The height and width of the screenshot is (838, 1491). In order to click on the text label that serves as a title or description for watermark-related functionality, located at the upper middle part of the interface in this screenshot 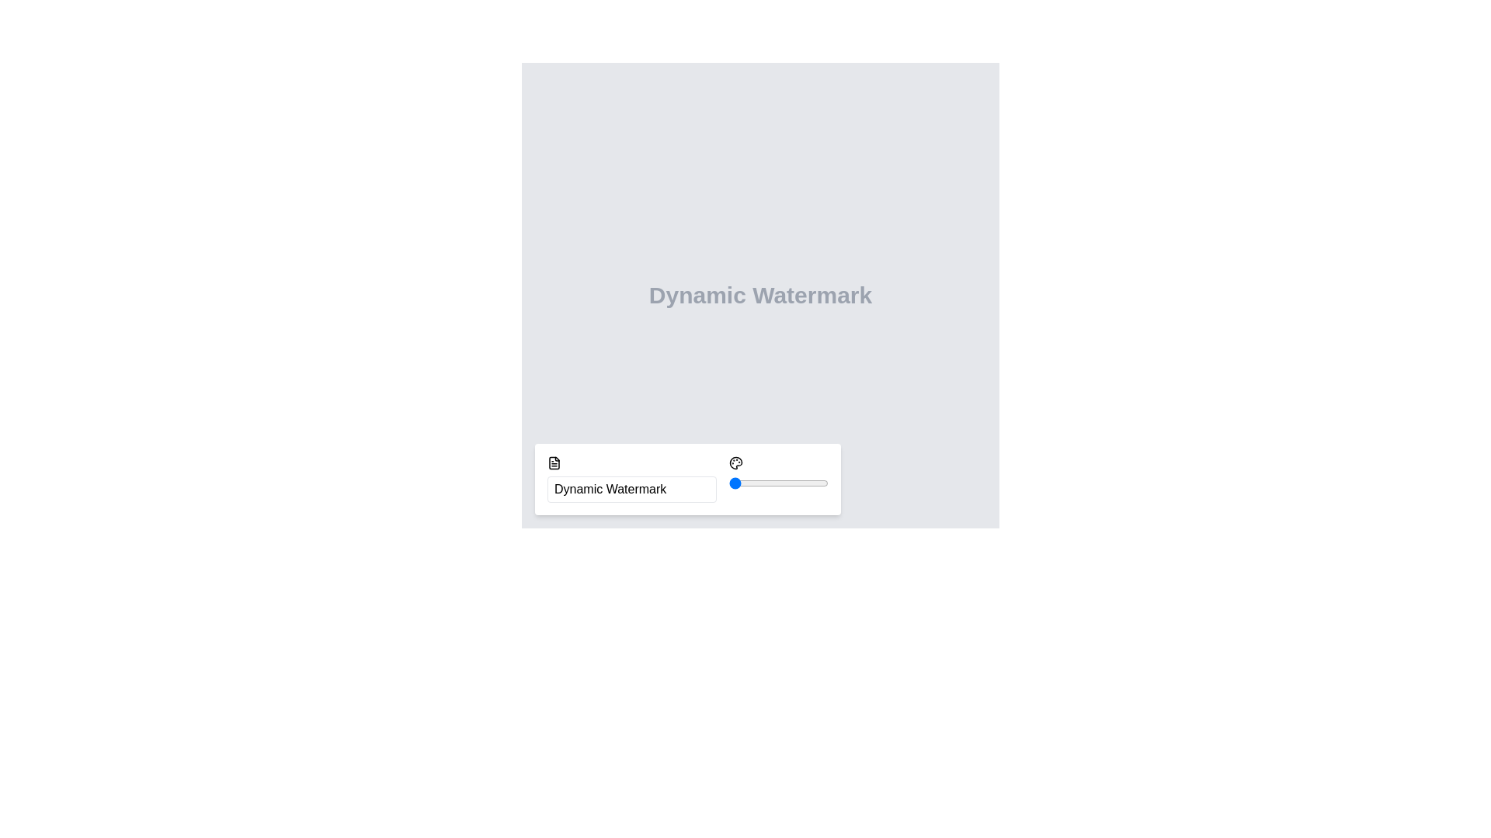, I will do `click(760, 296)`.